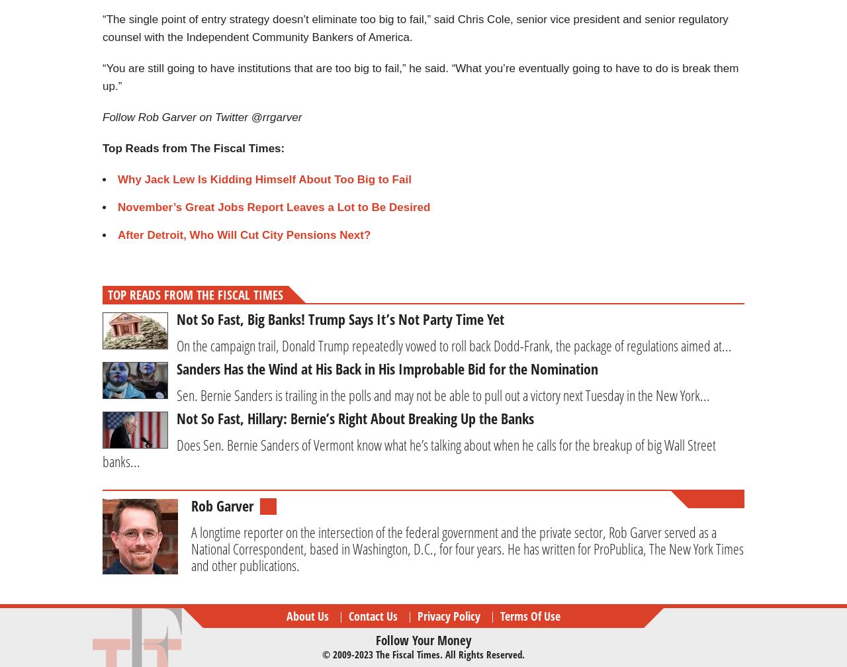 The width and height of the screenshot is (847, 667). I want to click on '© 2009-2023 The Fiscal Times. All rights reserved.', so click(423, 654).